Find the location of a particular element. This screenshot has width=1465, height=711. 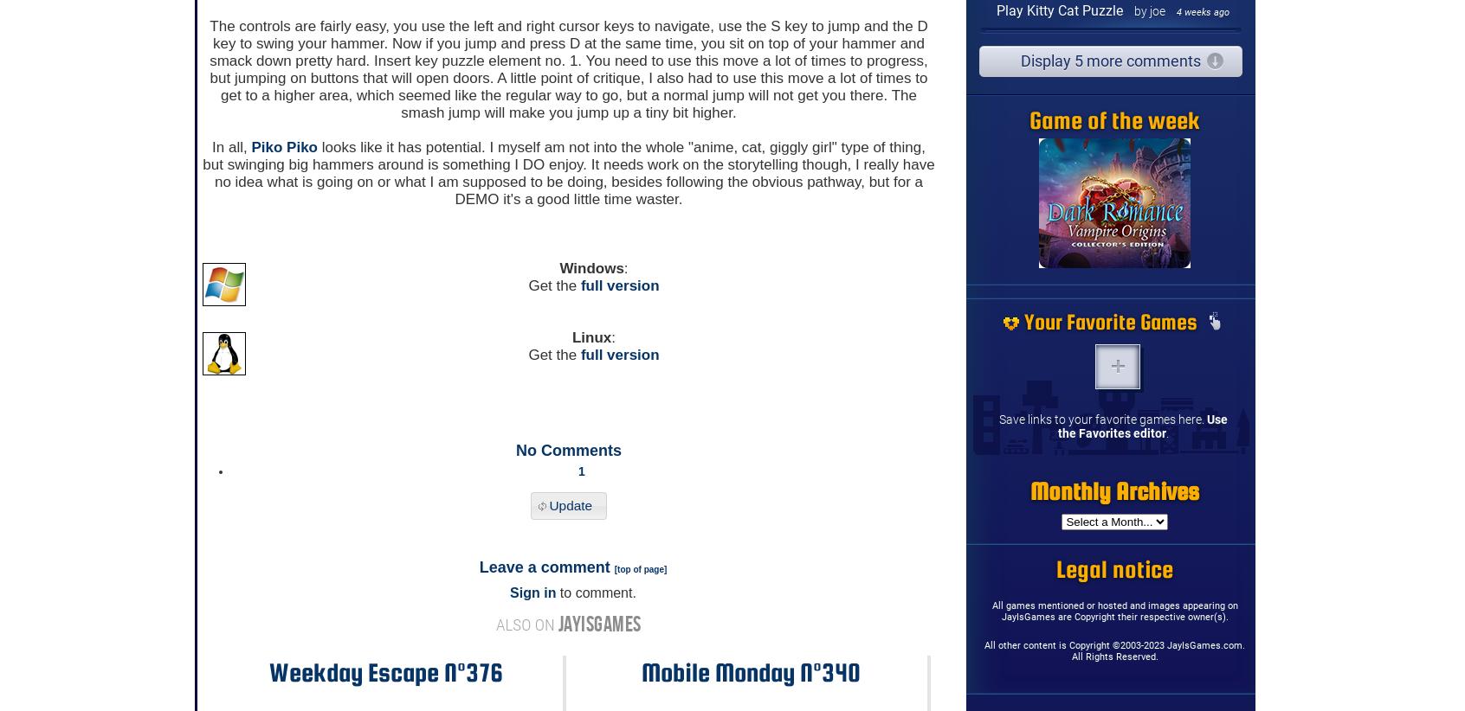

'1' is located at coordinates (578, 471).